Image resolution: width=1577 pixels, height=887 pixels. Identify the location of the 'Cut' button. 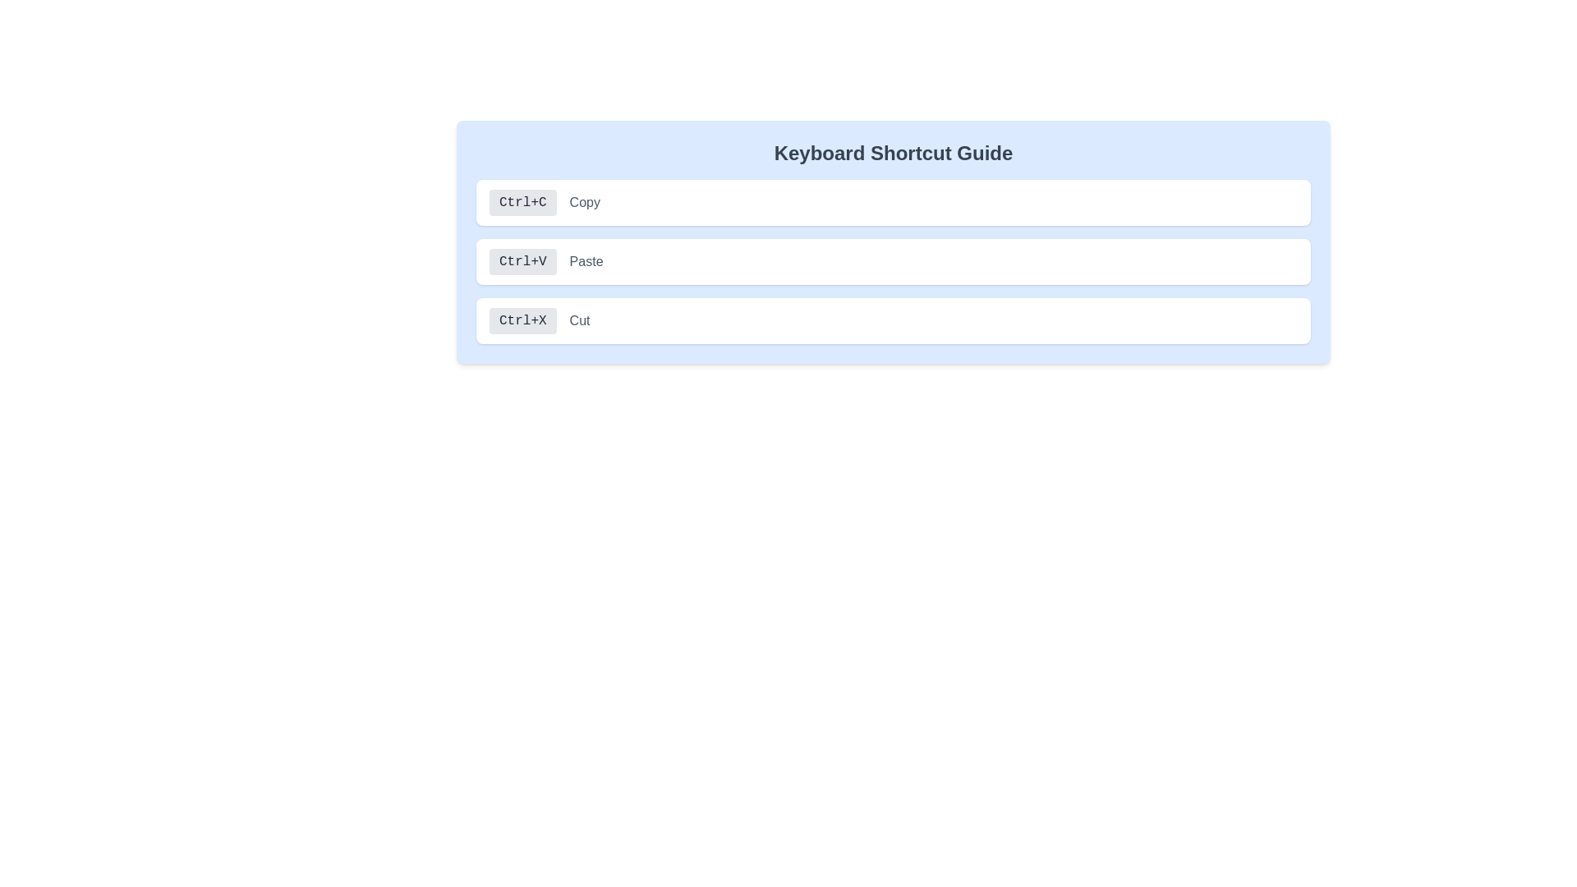
(893, 320).